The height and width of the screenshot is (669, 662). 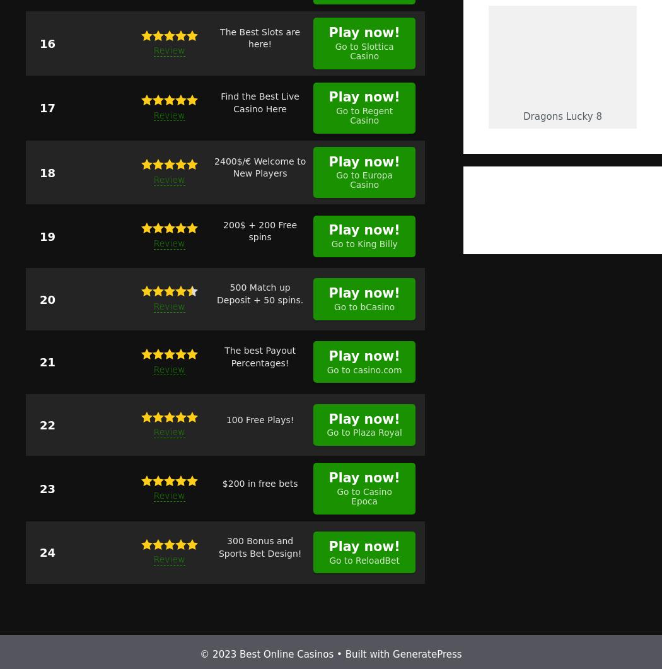 What do you see at coordinates (260, 356) in the screenshot?
I see `'The best Payout Percentages!'` at bounding box center [260, 356].